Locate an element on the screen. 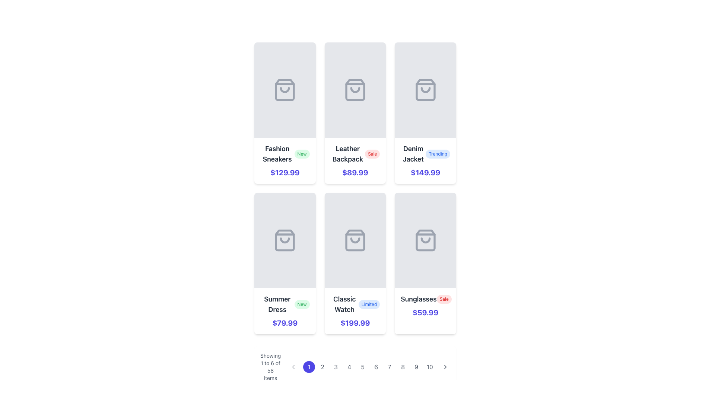  the text content of the product title located in the top row, third column of the product card, positioned above the price and next to the 'Trending' badge is located at coordinates (413, 153).